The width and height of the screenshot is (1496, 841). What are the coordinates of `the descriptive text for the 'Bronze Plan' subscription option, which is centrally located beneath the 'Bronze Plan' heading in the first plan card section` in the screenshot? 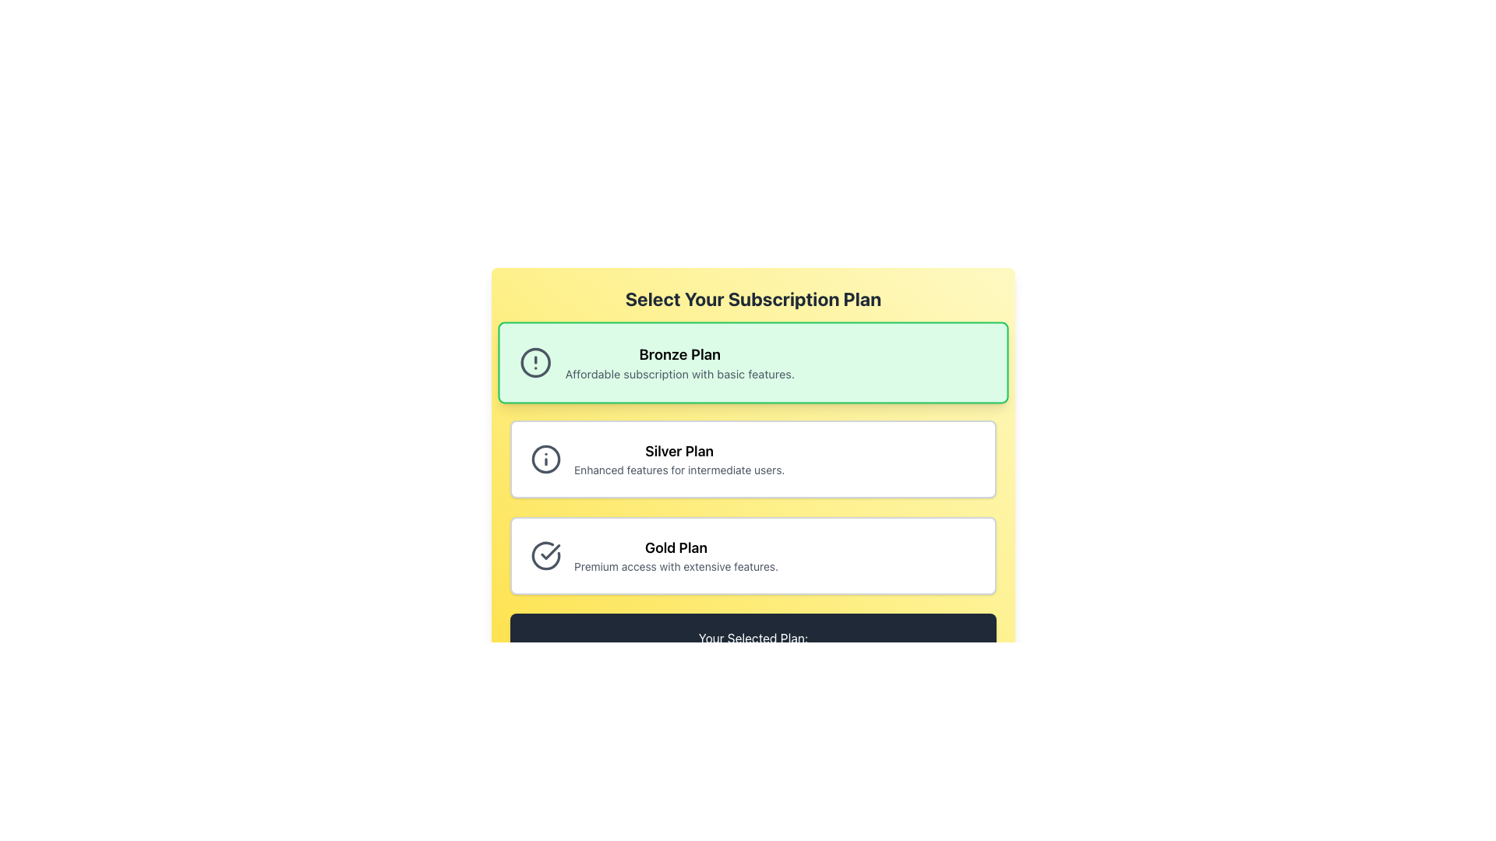 It's located at (679, 374).